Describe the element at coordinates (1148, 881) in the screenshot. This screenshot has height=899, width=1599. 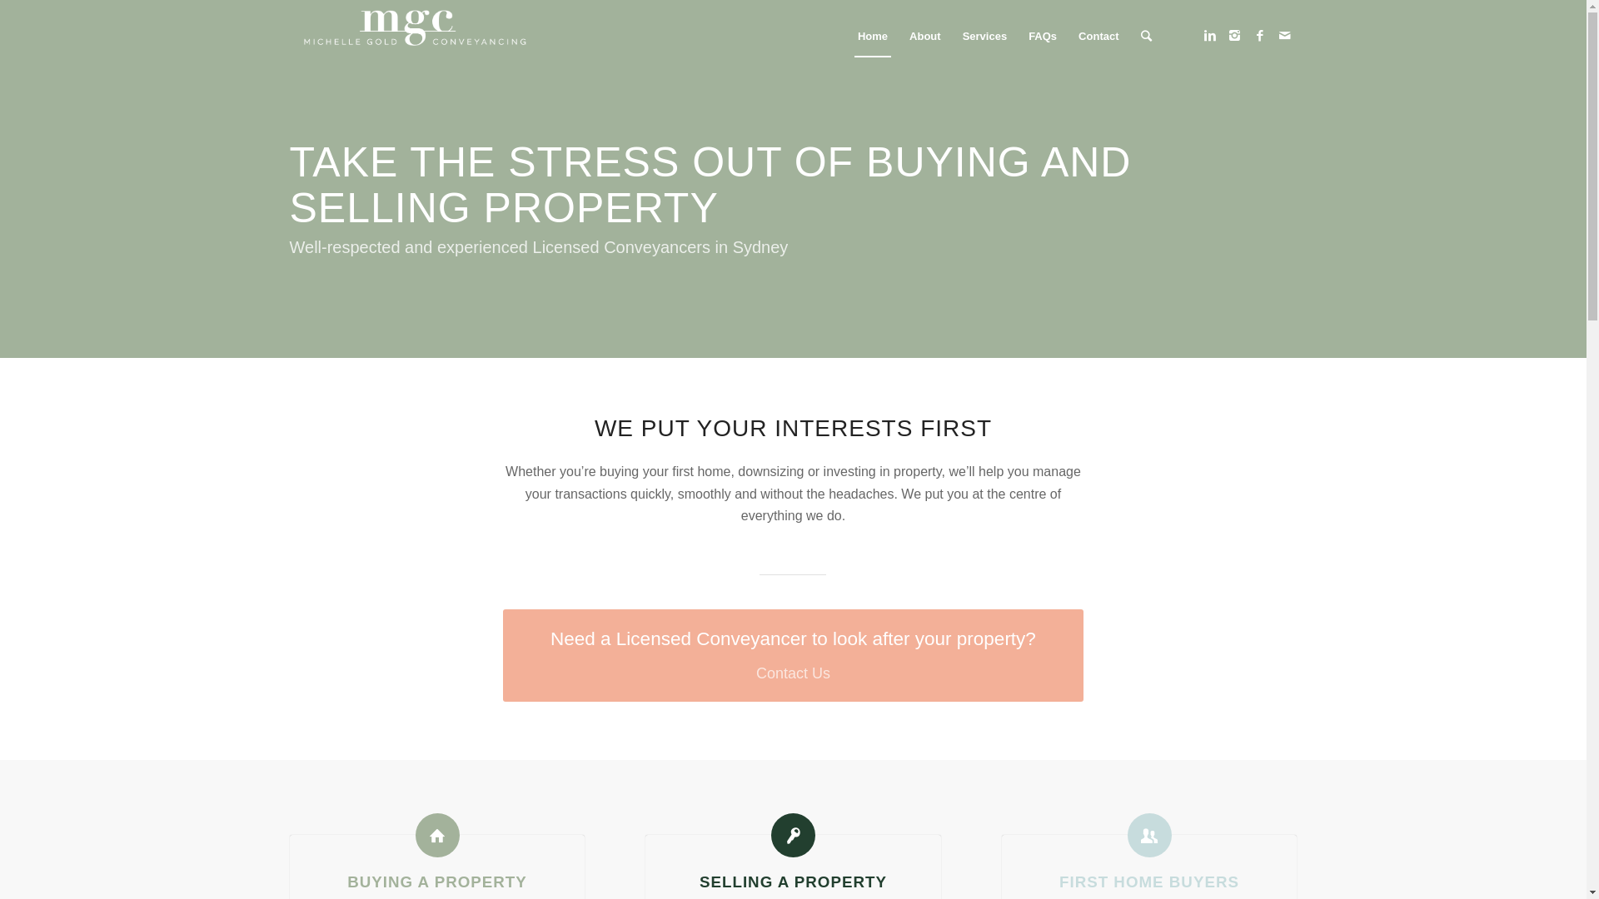
I see `'FIRST HOME BUYERS'` at that location.